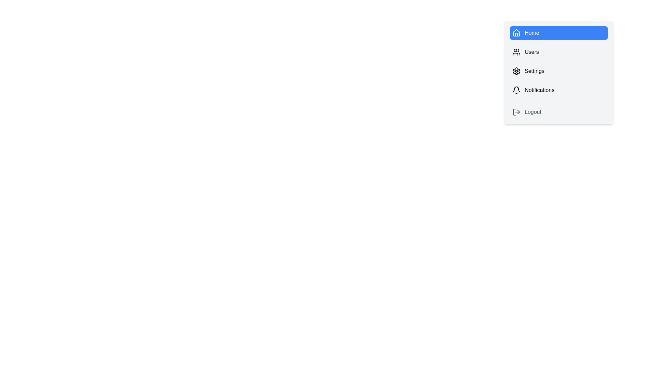  I want to click on the logout icon, which resembles a logout symbol with a door and an outward arrow, located in the Logout menu option to the left of the 'Logout' text label, so click(516, 111).